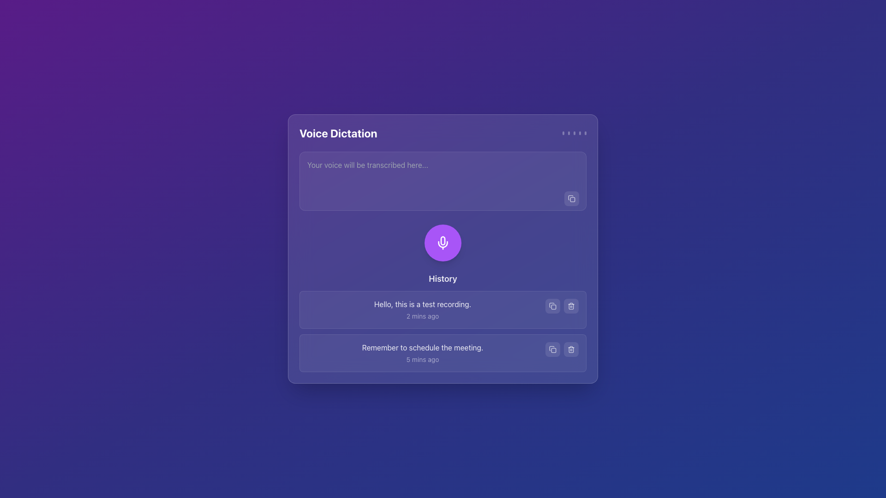  I want to click on the informational text block located in the History section, specifically the second entry which provides a historical record of actions or notifications, so click(422, 353).